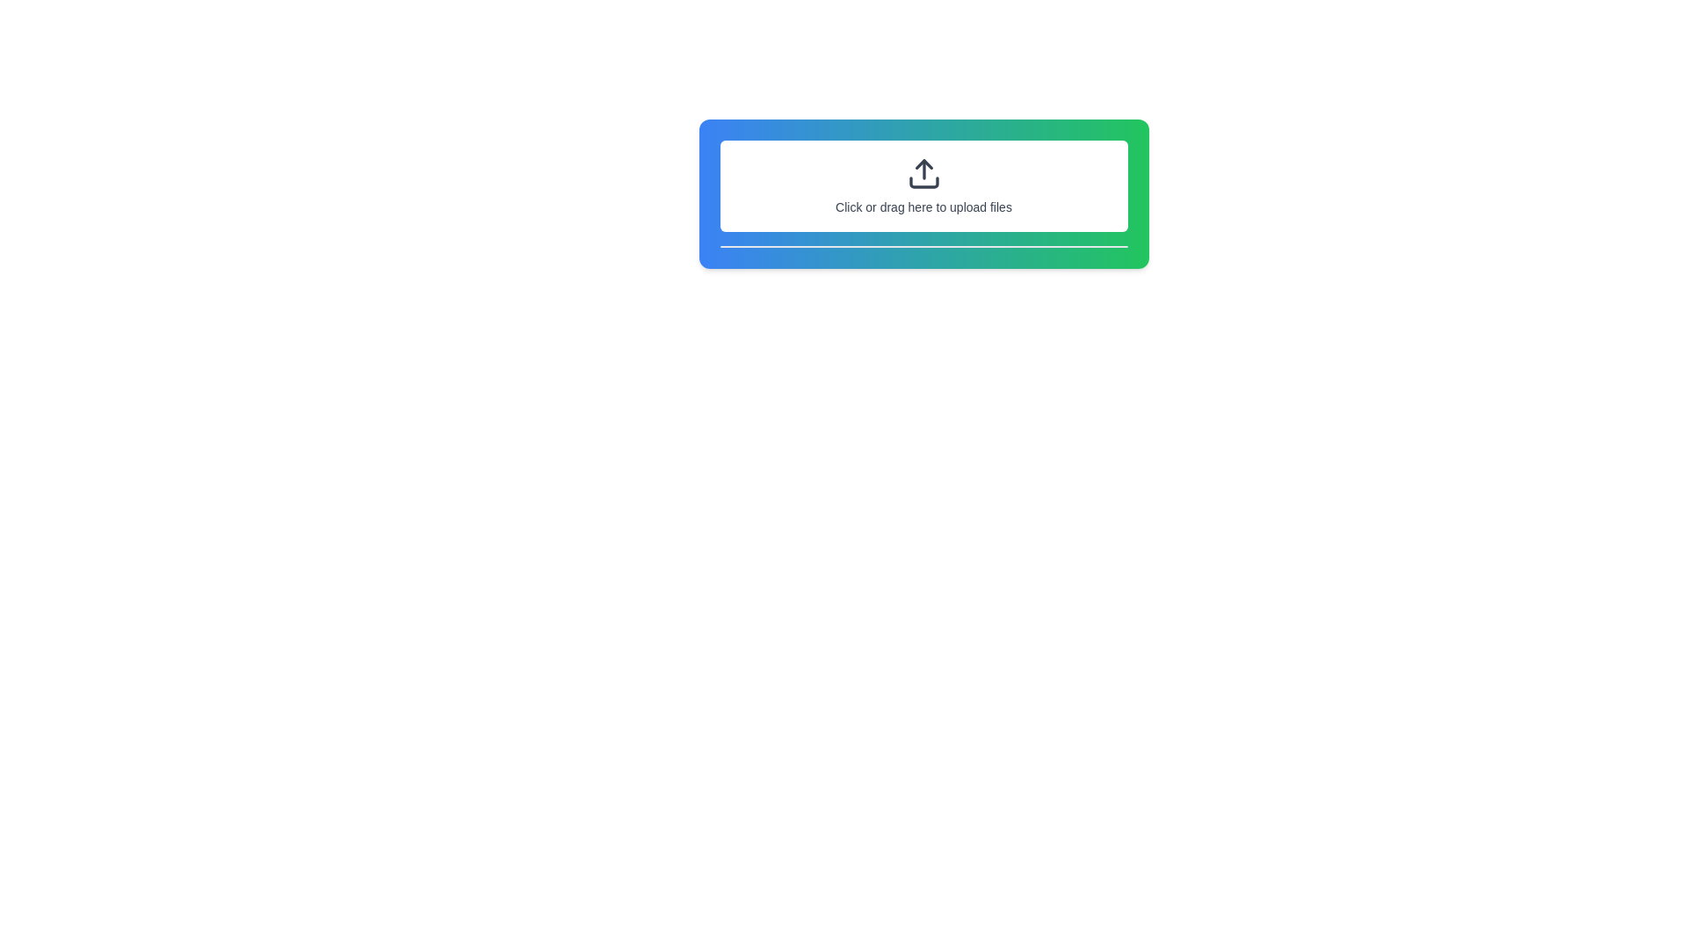 Image resolution: width=1687 pixels, height=949 pixels. I want to click on the upload icon, which is centered within the upload area labeled 'Click or drag here to upload files.', so click(923, 173).